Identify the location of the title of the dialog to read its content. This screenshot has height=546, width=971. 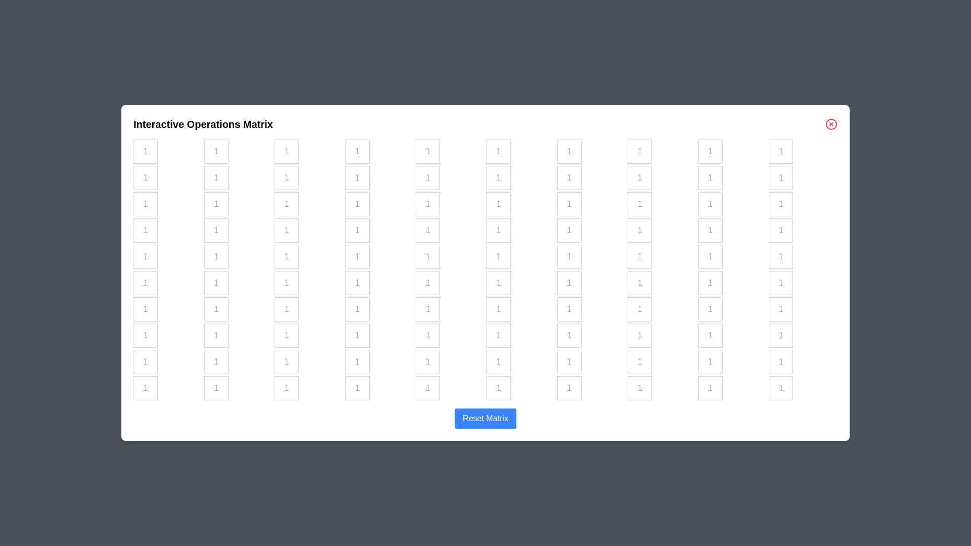
(202, 124).